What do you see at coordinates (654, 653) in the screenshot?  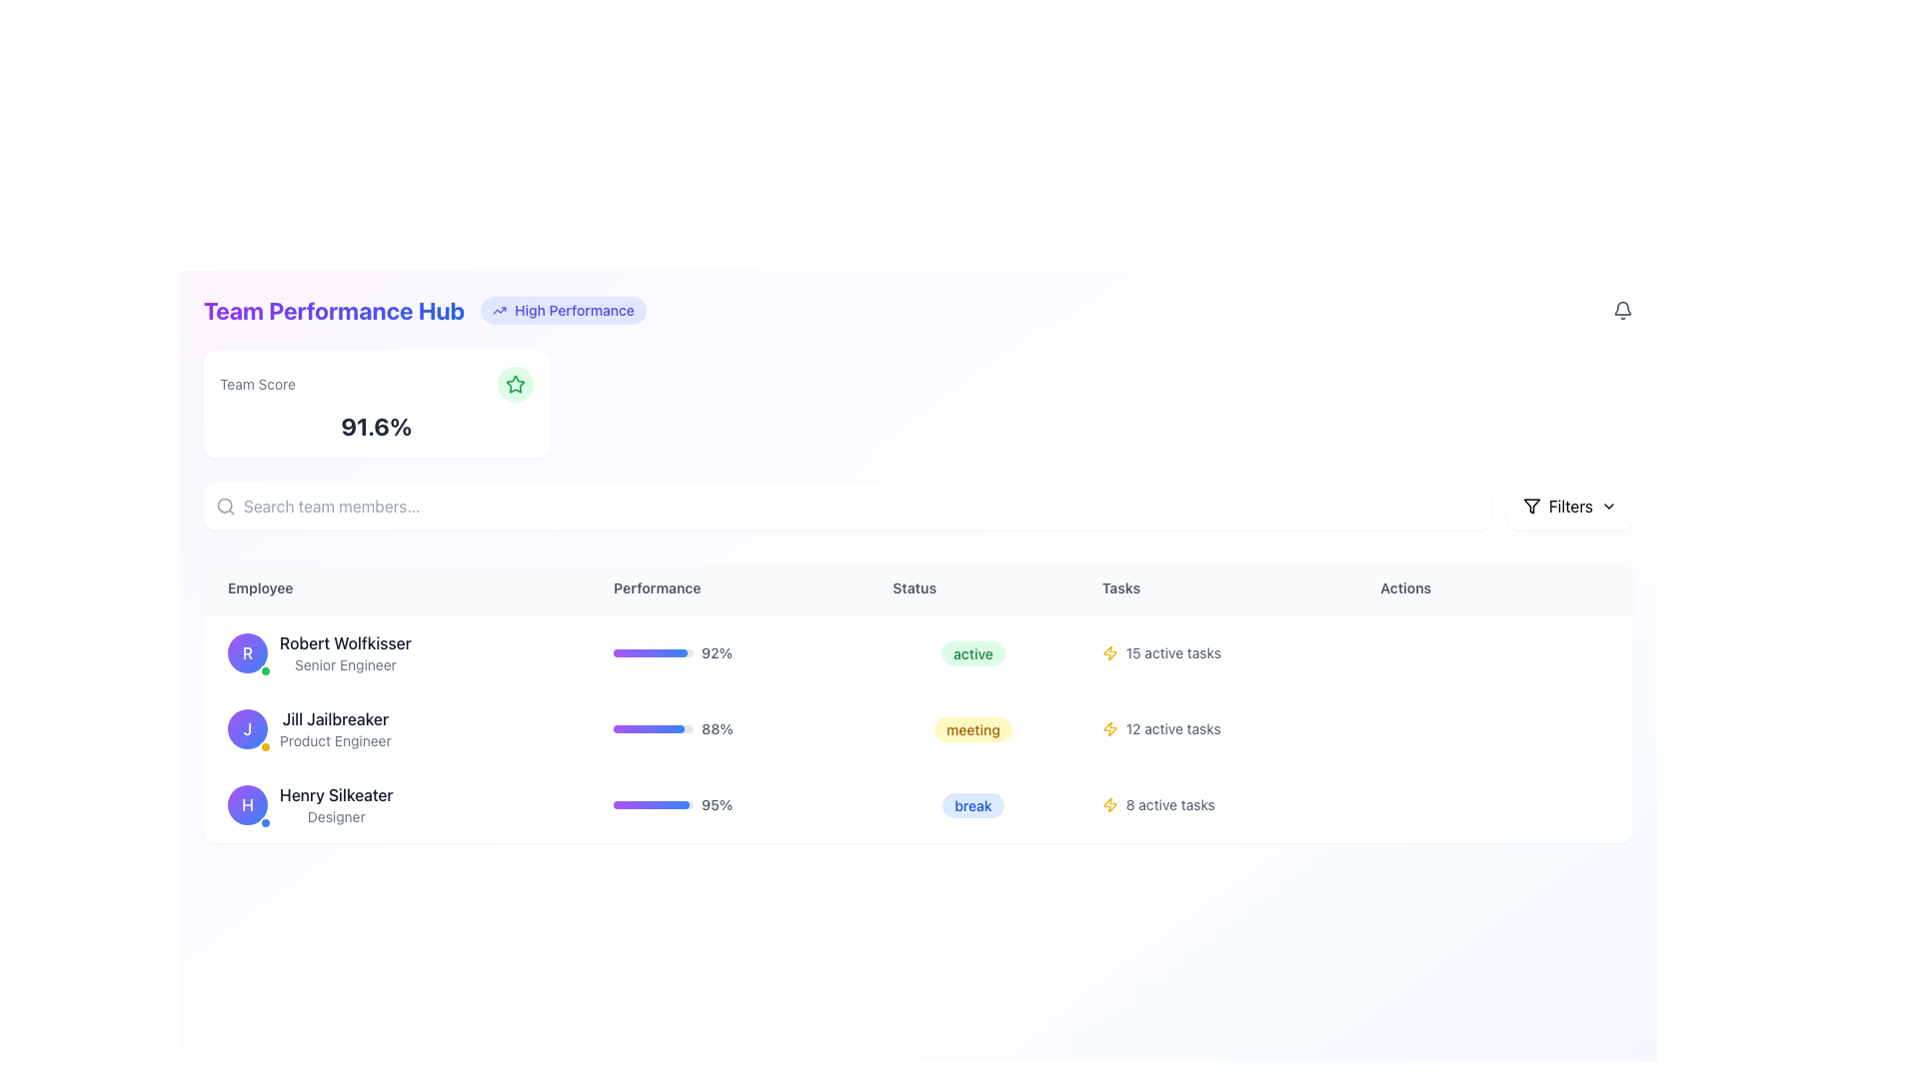 I see `the Progress Bar representing the performance metric for Robert Wolfkisser, which visually indicates a completion percentage of 92%` at bounding box center [654, 653].